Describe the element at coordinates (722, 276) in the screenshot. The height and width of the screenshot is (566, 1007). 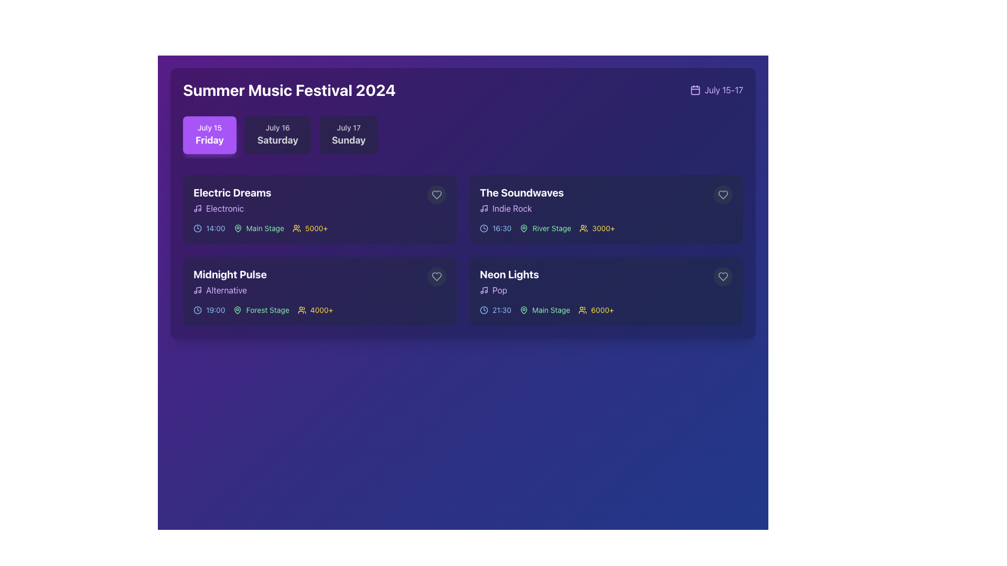
I see `the heart-shaped 'favorite' button in the bottom-right card for the event 'Neon Lights'` at that location.